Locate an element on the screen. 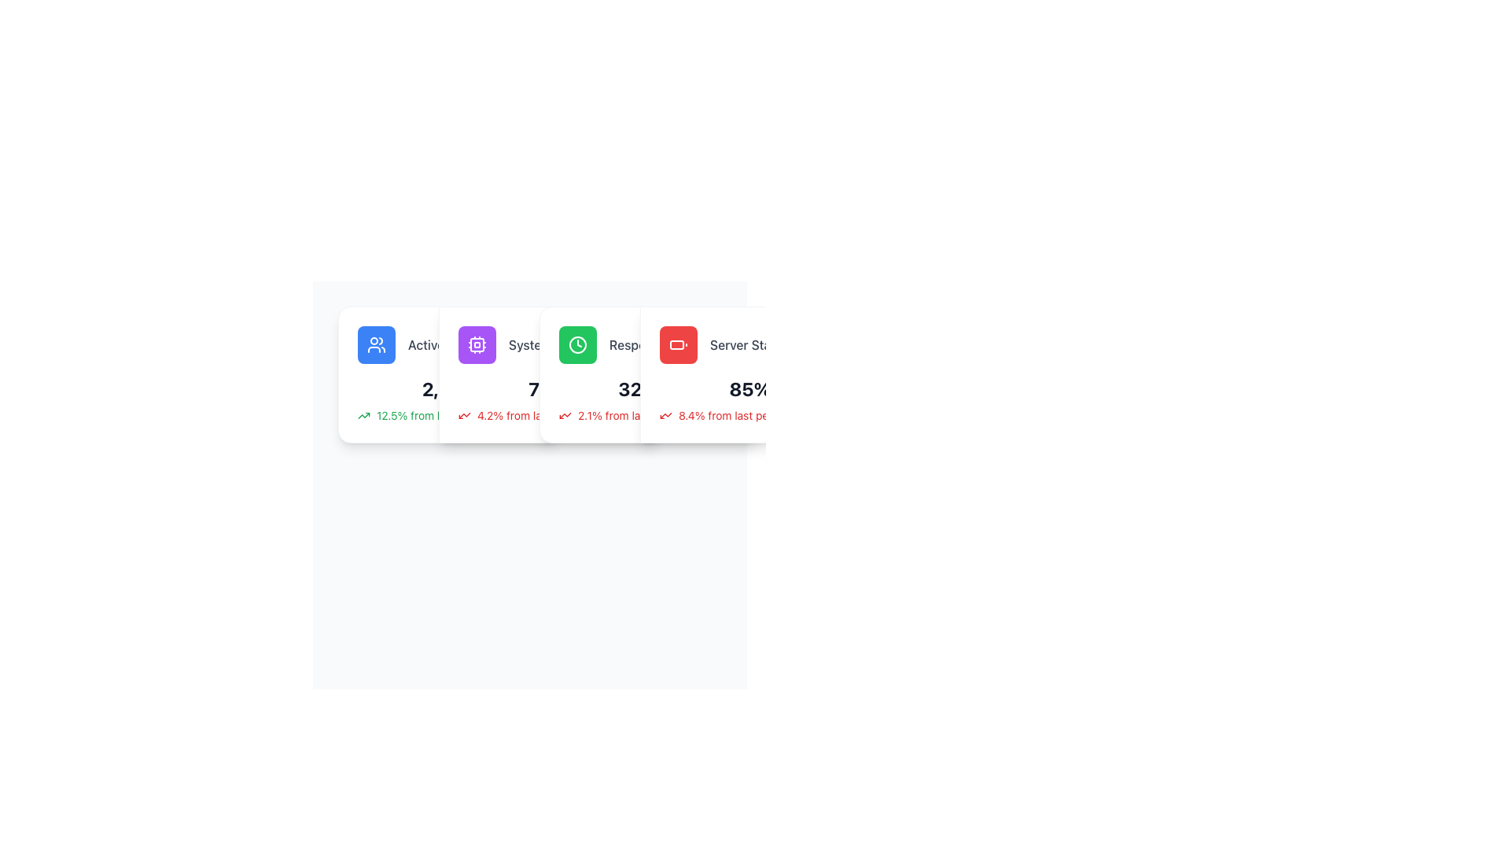 This screenshot has height=849, width=1510. the visual representation of the green circular SVG element located in the center of the clock icon, which is the third card from the left aligned with the 'Response' label is located at coordinates (576, 344).